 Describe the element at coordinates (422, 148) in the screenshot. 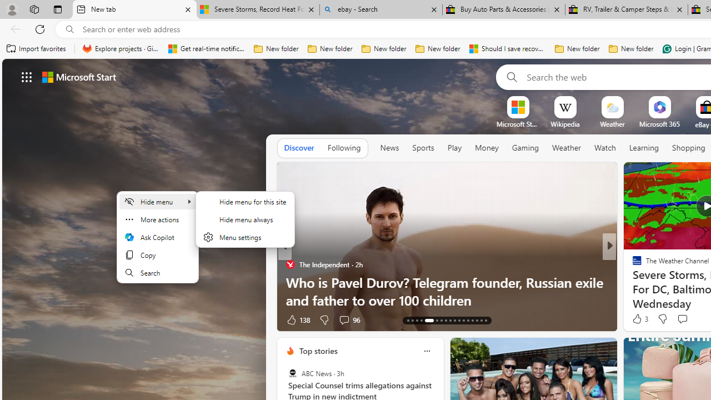

I see `'Sports'` at that location.